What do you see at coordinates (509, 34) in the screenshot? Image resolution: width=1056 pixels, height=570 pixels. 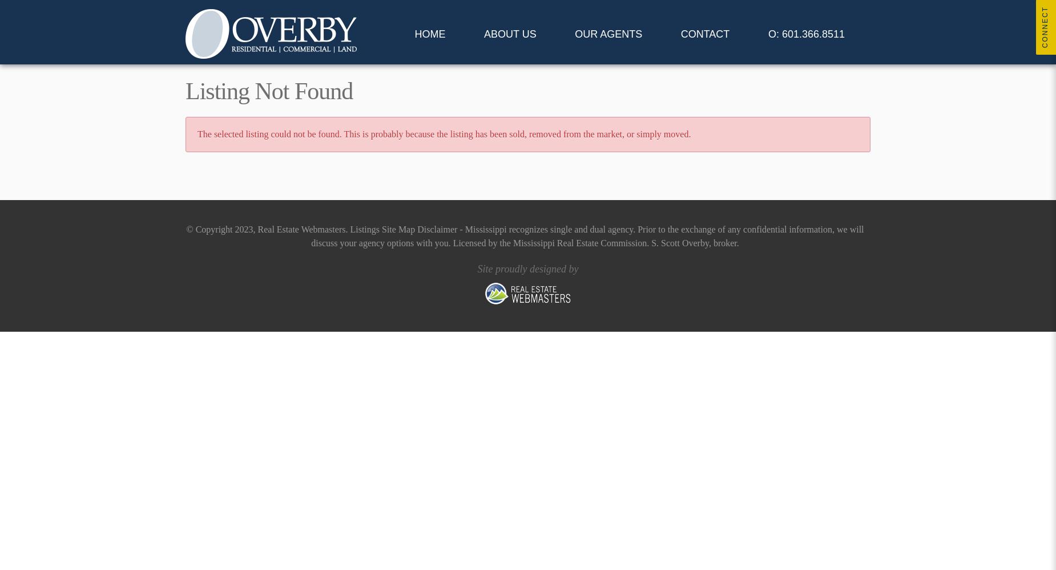 I see `'About Us'` at bounding box center [509, 34].